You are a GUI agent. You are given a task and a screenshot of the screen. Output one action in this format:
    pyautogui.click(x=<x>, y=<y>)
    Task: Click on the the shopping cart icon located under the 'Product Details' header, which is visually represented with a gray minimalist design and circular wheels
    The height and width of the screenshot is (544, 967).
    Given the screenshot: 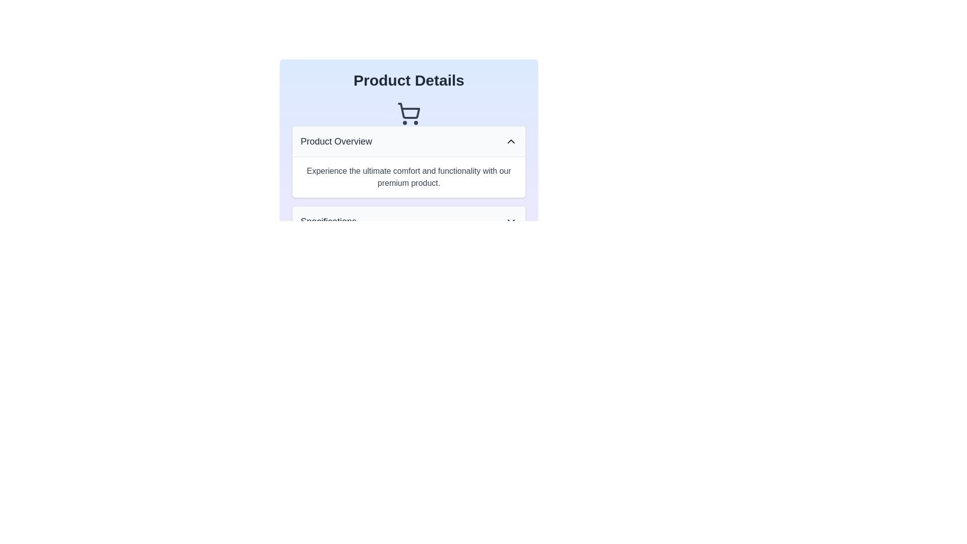 What is the action you would take?
    pyautogui.click(x=408, y=113)
    